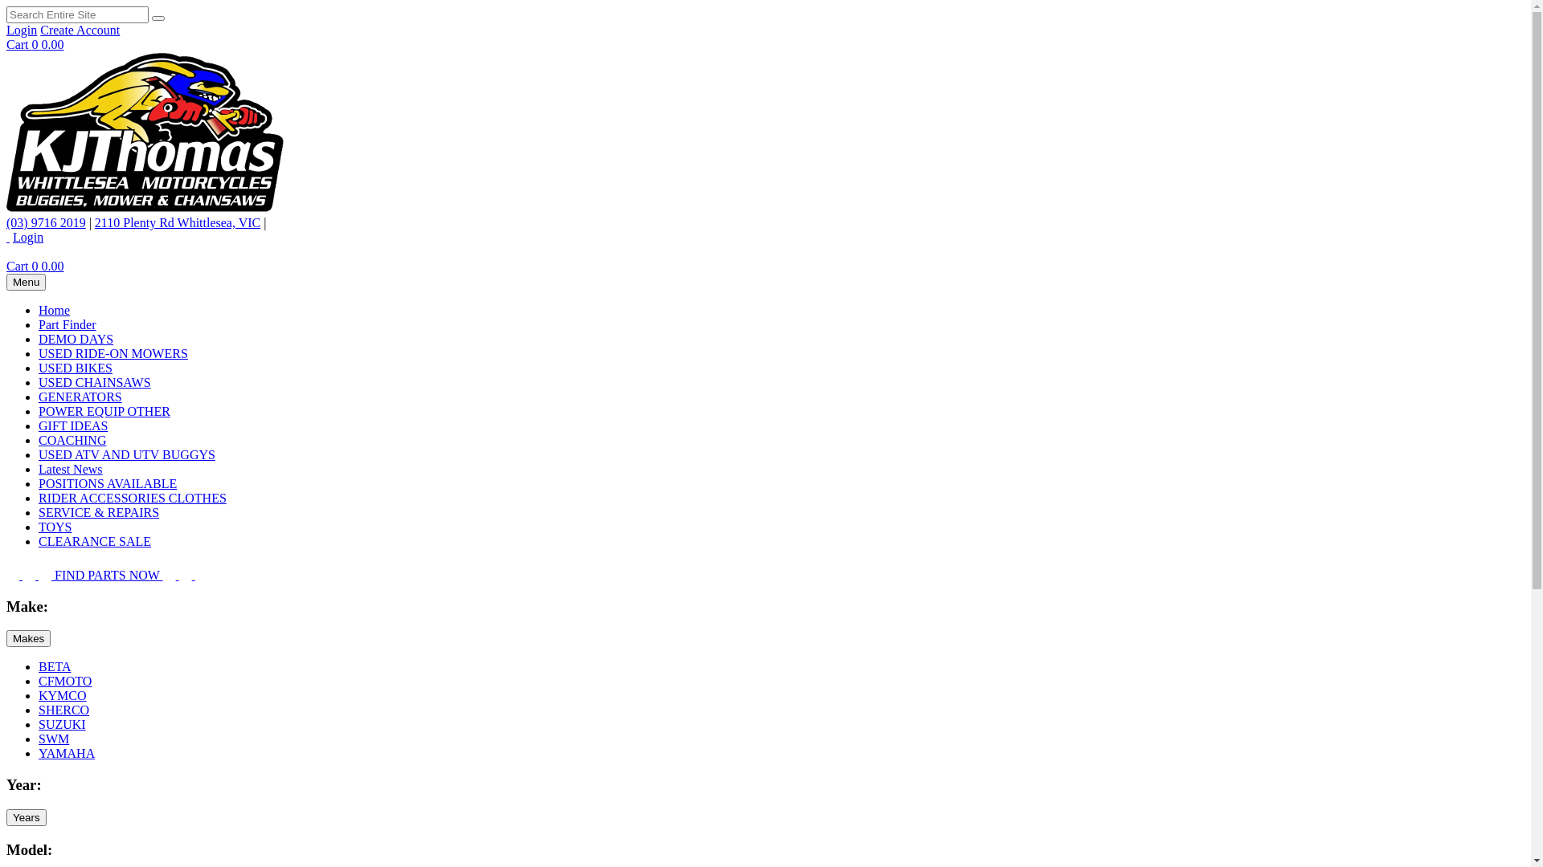 The height and width of the screenshot is (867, 1543). Describe the element at coordinates (107, 482) in the screenshot. I see `'POSITIONS AVAILABLE'` at that location.